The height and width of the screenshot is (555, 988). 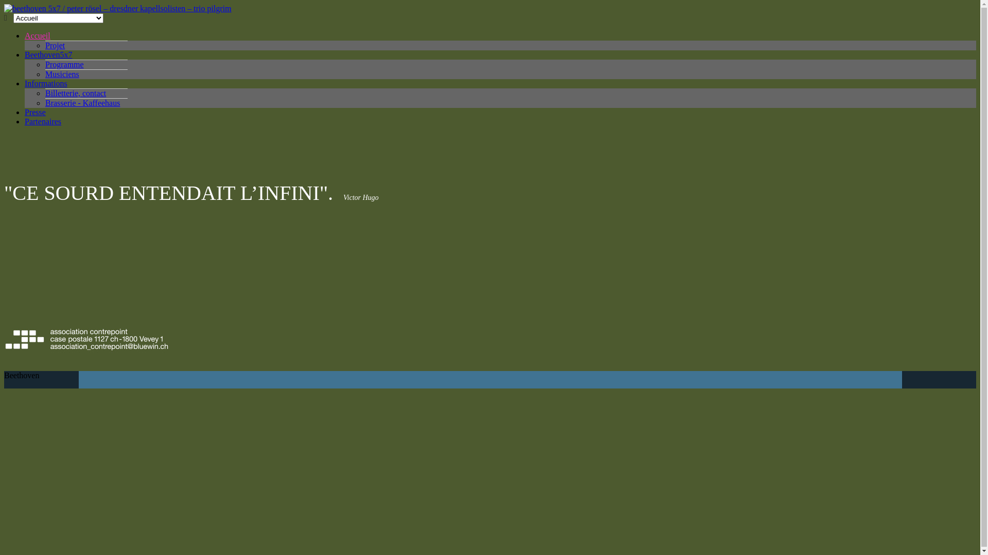 What do you see at coordinates (37, 35) in the screenshot?
I see `'Accueil'` at bounding box center [37, 35].